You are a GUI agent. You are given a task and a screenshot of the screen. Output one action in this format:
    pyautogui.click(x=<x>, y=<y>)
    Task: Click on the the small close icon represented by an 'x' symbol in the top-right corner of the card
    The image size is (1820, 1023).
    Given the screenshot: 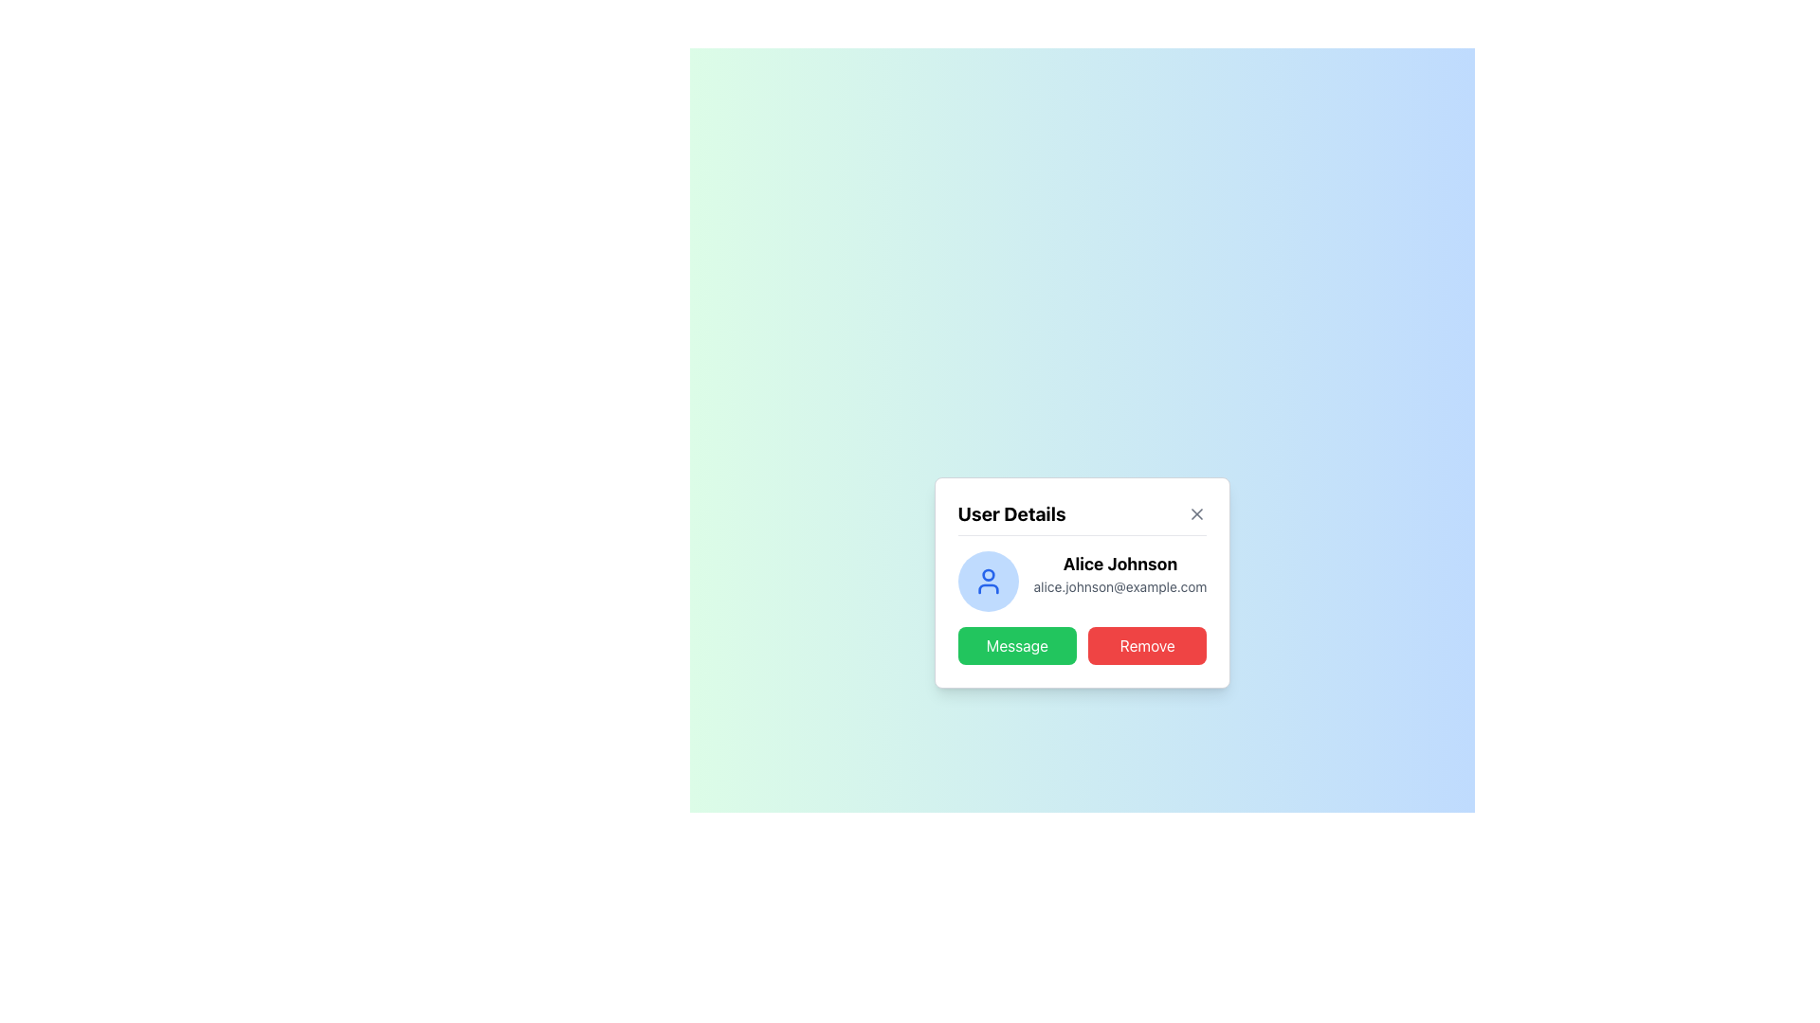 What is the action you would take?
    pyautogui.click(x=1196, y=513)
    